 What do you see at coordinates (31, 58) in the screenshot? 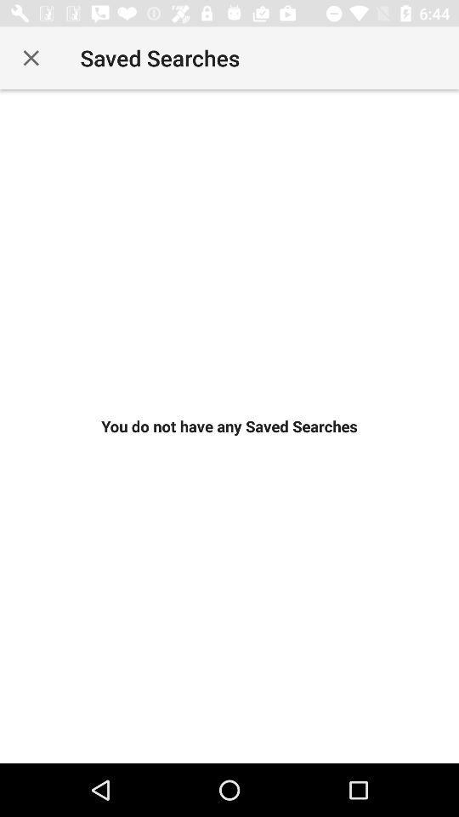
I see `icon at the top left corner` at bounding box center [31, 58].